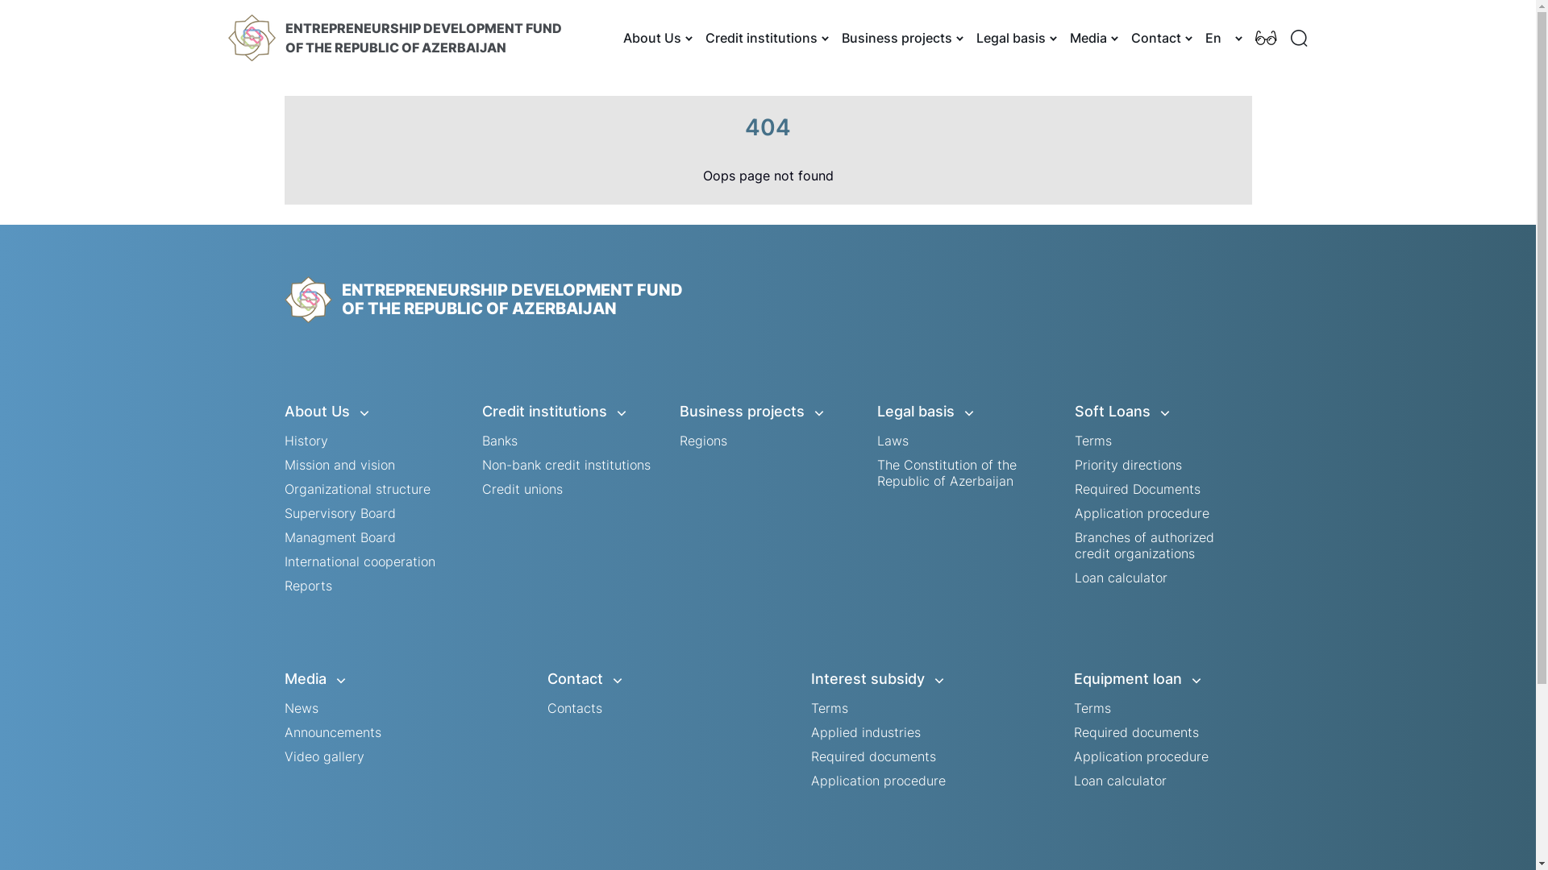 The width and height of the screenshot is (1548, 870). What do you see at coordinates (1162, 679) in the screenshot?
I see `'Equipment loan'` at bounding box center [1162, 679].